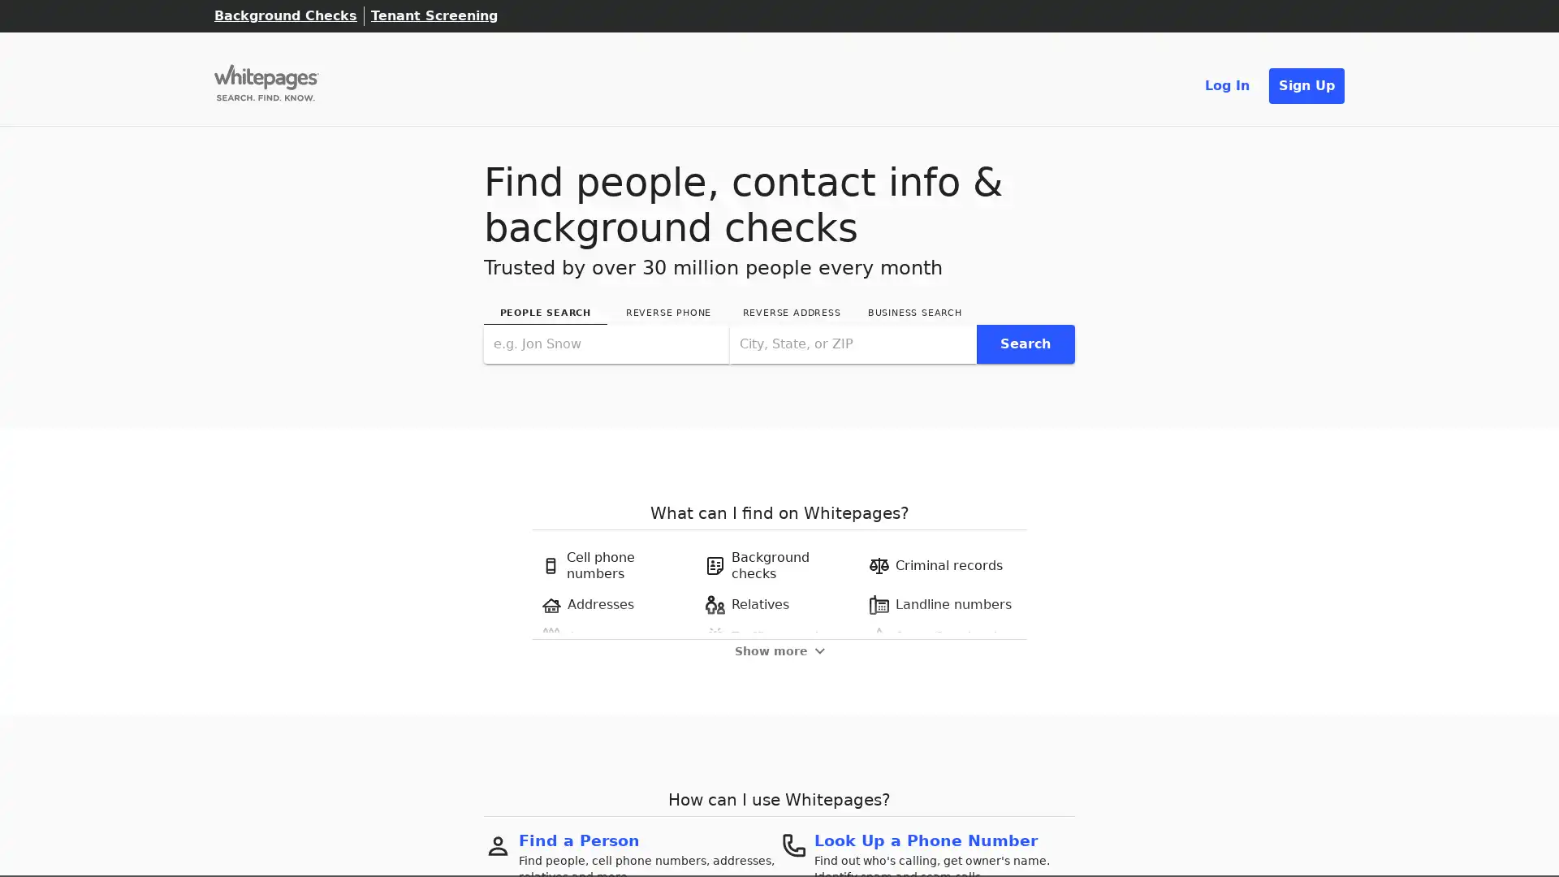  What do you see at coordinates (1024, 343) in the screenshot?
I see `Search` at bounding box center [1024, 343].